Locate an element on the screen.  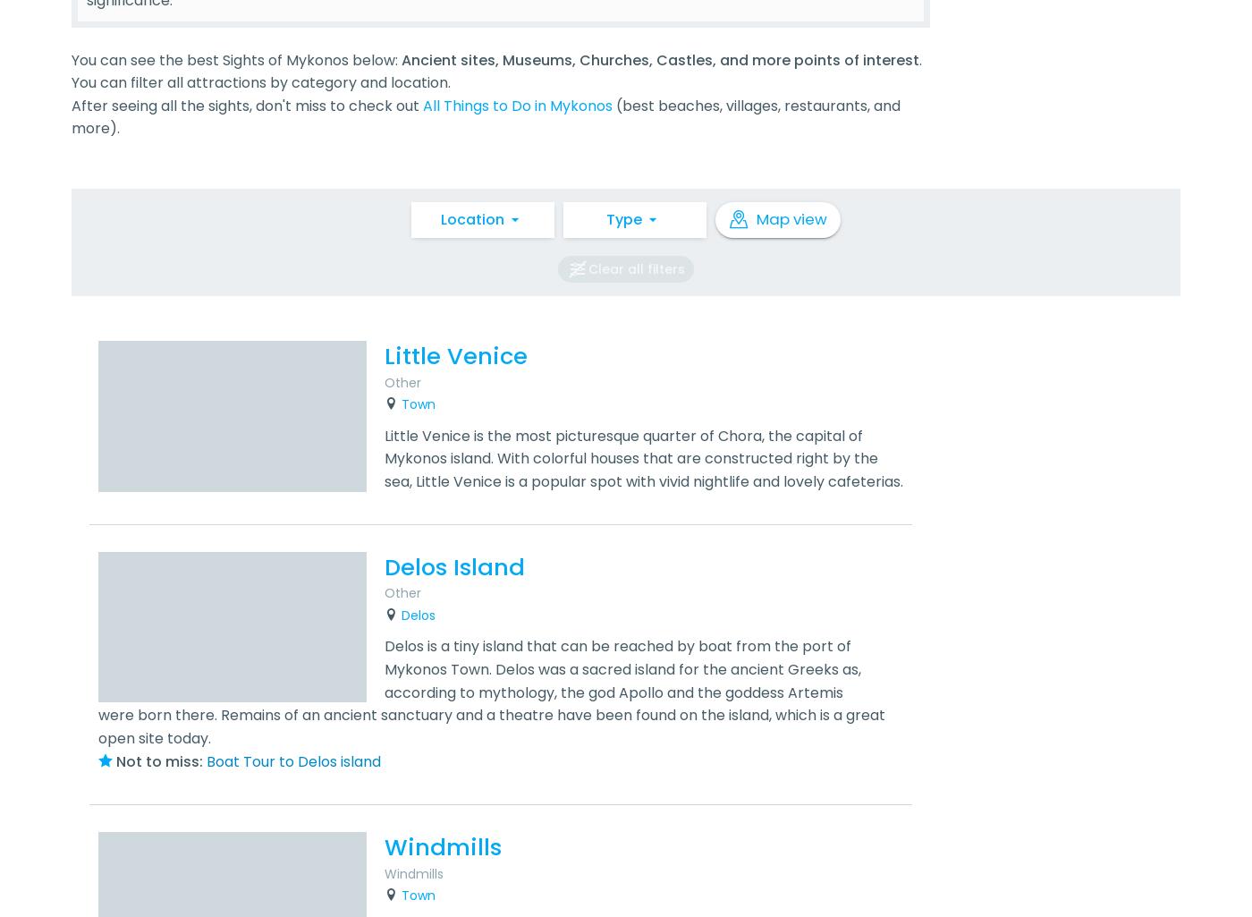
'Type' is located at coordinates (606, 217).